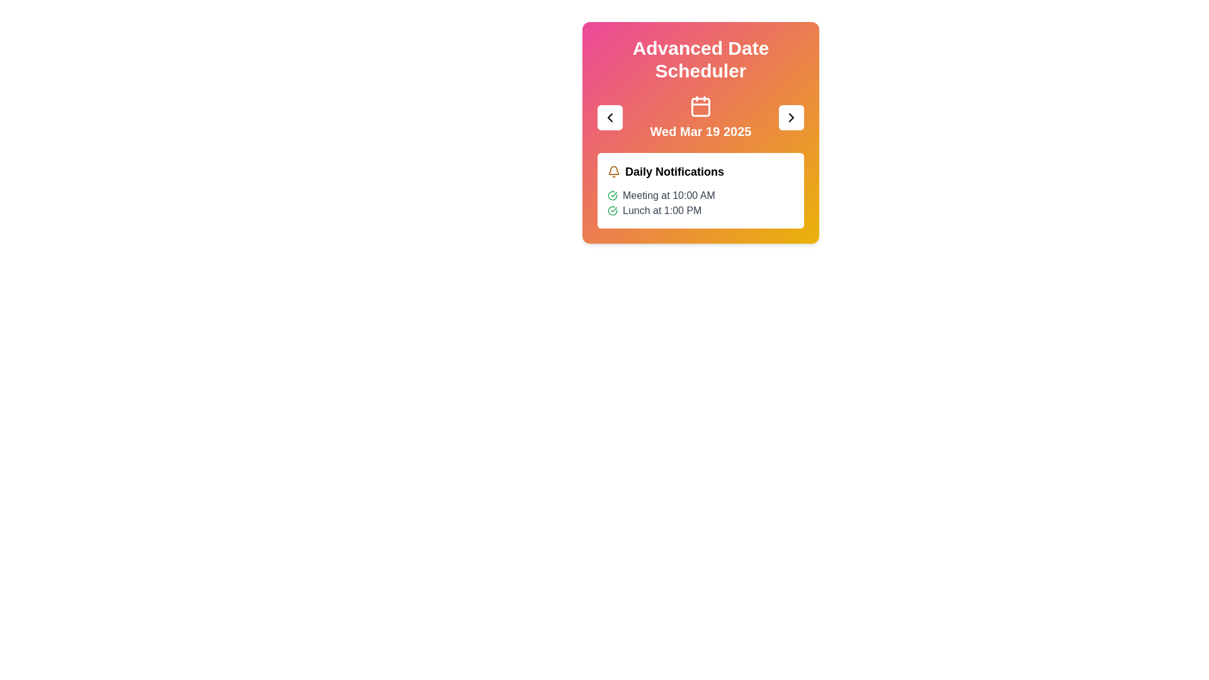 The height and width of the screenshot is (680, 1209). I want to click on the main body of the calendar icon located centrally under the text 'Advanced Date Scheduler', so click(700, 106).